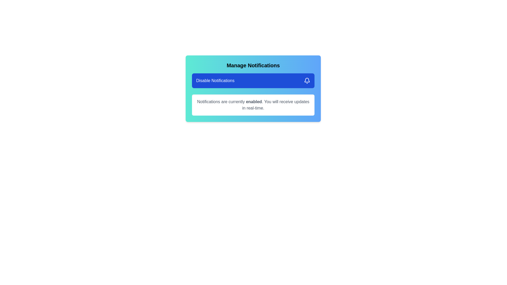 Image resolution: width=507 pixels, height=285 pixels. Describe the element at coordinates (253, 80) in the screenshot. I see `'Disable Notifications' button to toggle the notification status` at that location.